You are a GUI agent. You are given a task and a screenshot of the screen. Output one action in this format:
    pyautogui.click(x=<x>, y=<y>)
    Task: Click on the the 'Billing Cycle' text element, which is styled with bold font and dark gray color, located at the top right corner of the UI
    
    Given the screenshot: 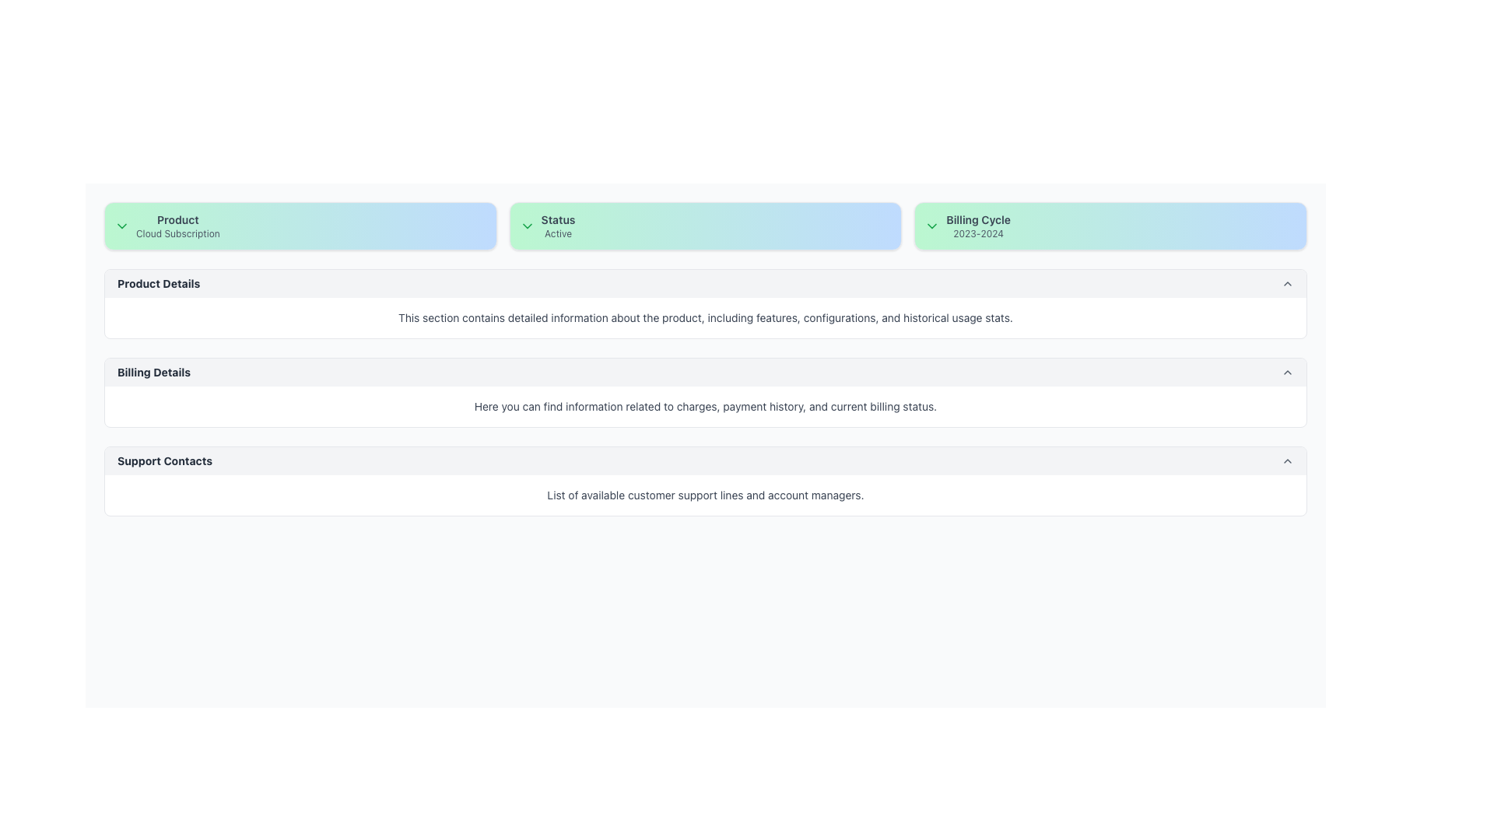 What is the action you would take?
    pyautogui.click(x=977, y=219)
    